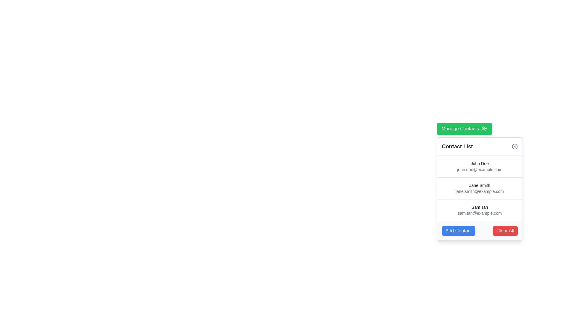 The image size is (574, 323). I want to click on the gray button with a cross icon located at the top-right corner of the 'Contact List' section, so click(514, 146).